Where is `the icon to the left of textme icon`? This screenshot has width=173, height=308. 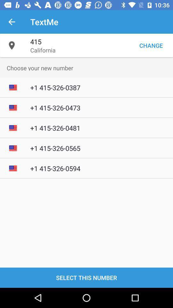 the icon to the left of textme icon is located at coordinates (12, 22).